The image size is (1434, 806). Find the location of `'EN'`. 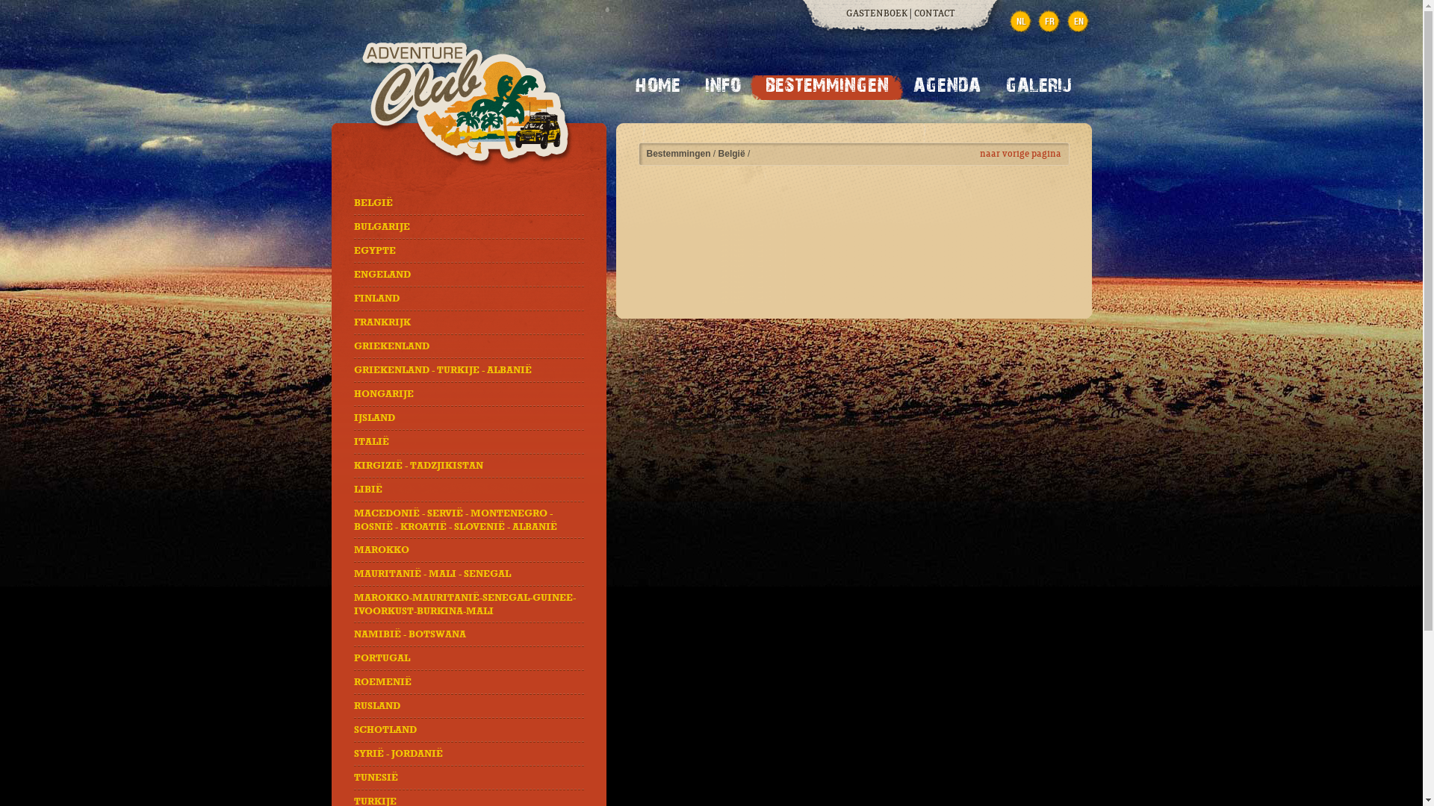

'EN' is located at coordinates (1078, 22).